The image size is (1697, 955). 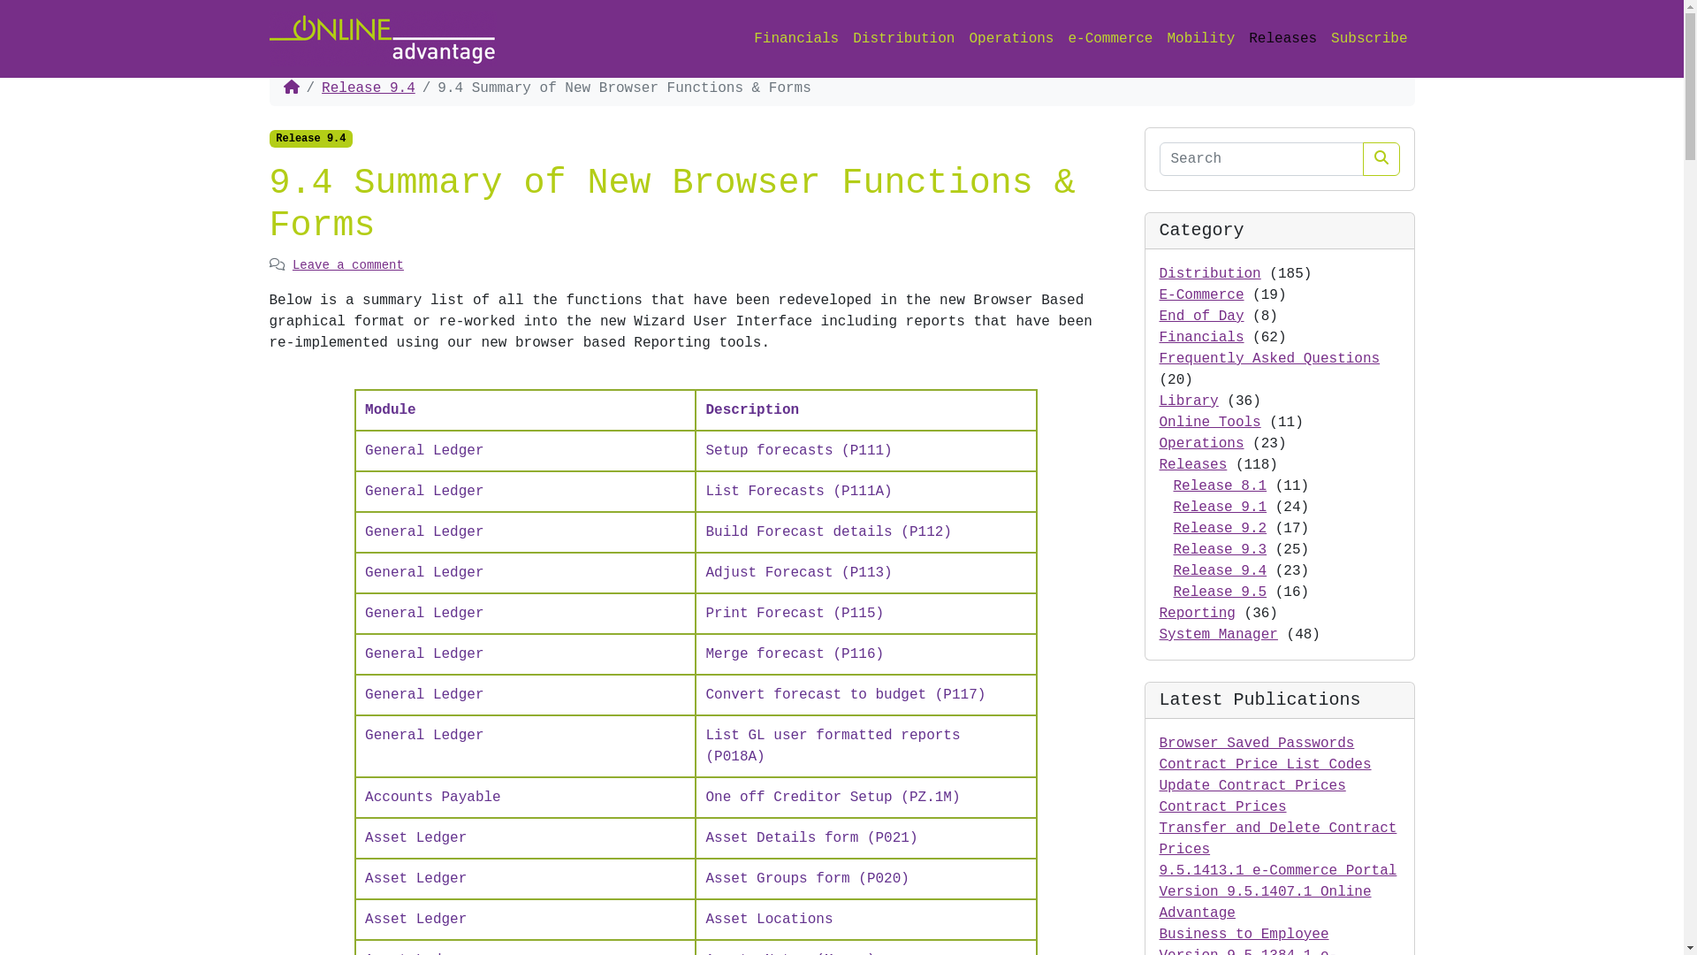 What do you see at coordinates (1159, 933) in the screenshot?
I see `'Business to Employee'` at bounding box center [1159, 933].